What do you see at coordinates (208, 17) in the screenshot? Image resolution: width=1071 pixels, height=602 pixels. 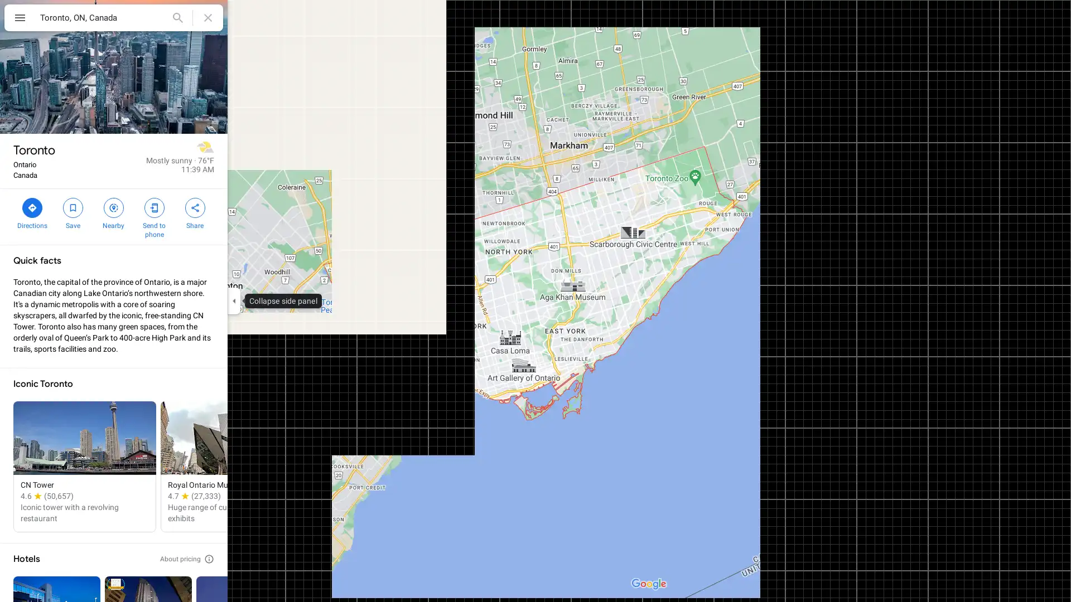 I see `Clear search` at bounding box center [208, 17].